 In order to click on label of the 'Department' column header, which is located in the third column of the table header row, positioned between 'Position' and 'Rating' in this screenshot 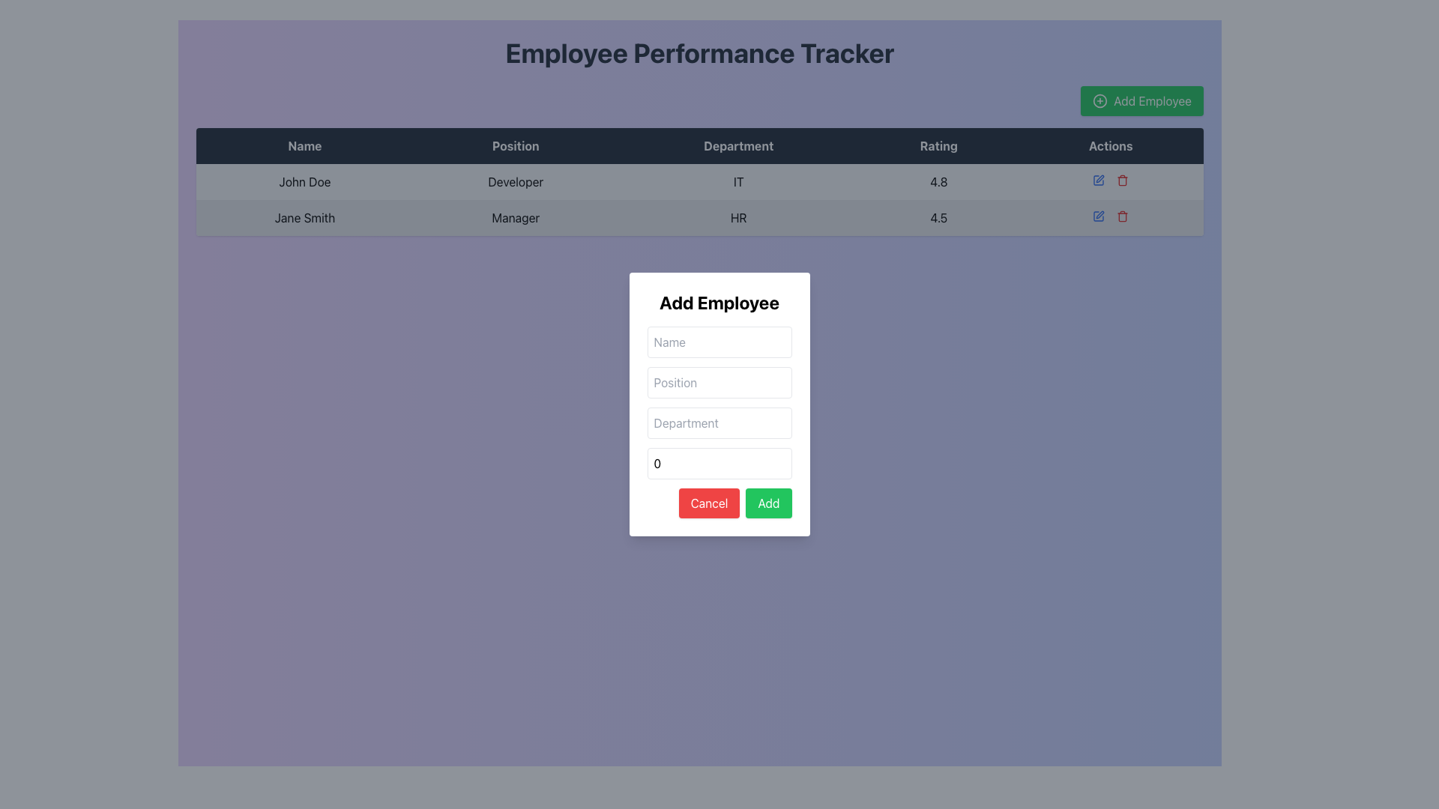, I will do `click(738, 146)`.